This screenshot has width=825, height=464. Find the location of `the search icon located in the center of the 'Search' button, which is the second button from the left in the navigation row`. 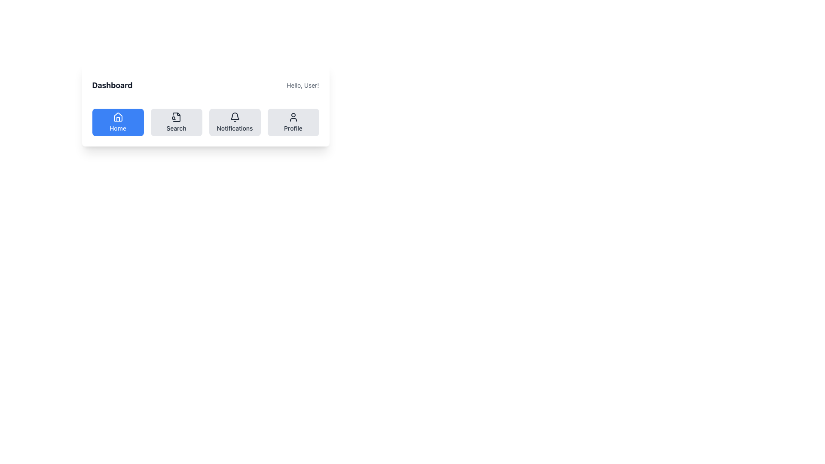

the search icon located in the center of the 'Search' button, which is the second button from the left in the navigation row is located at coordinates (176, 117).